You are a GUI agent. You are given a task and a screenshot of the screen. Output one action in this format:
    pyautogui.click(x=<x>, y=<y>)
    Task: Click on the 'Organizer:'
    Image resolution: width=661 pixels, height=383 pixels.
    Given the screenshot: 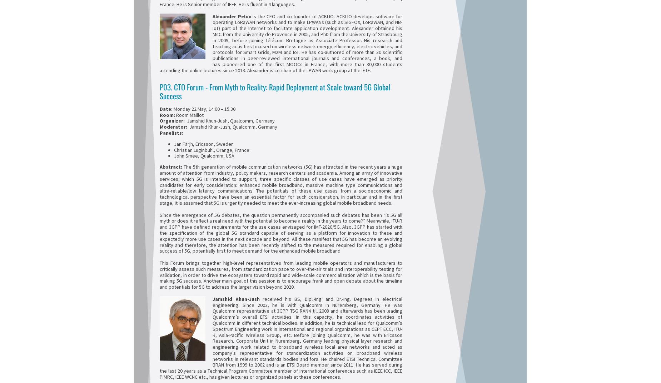 What is the action you would take?
    pyautogui.click(x=172, y=121)
    